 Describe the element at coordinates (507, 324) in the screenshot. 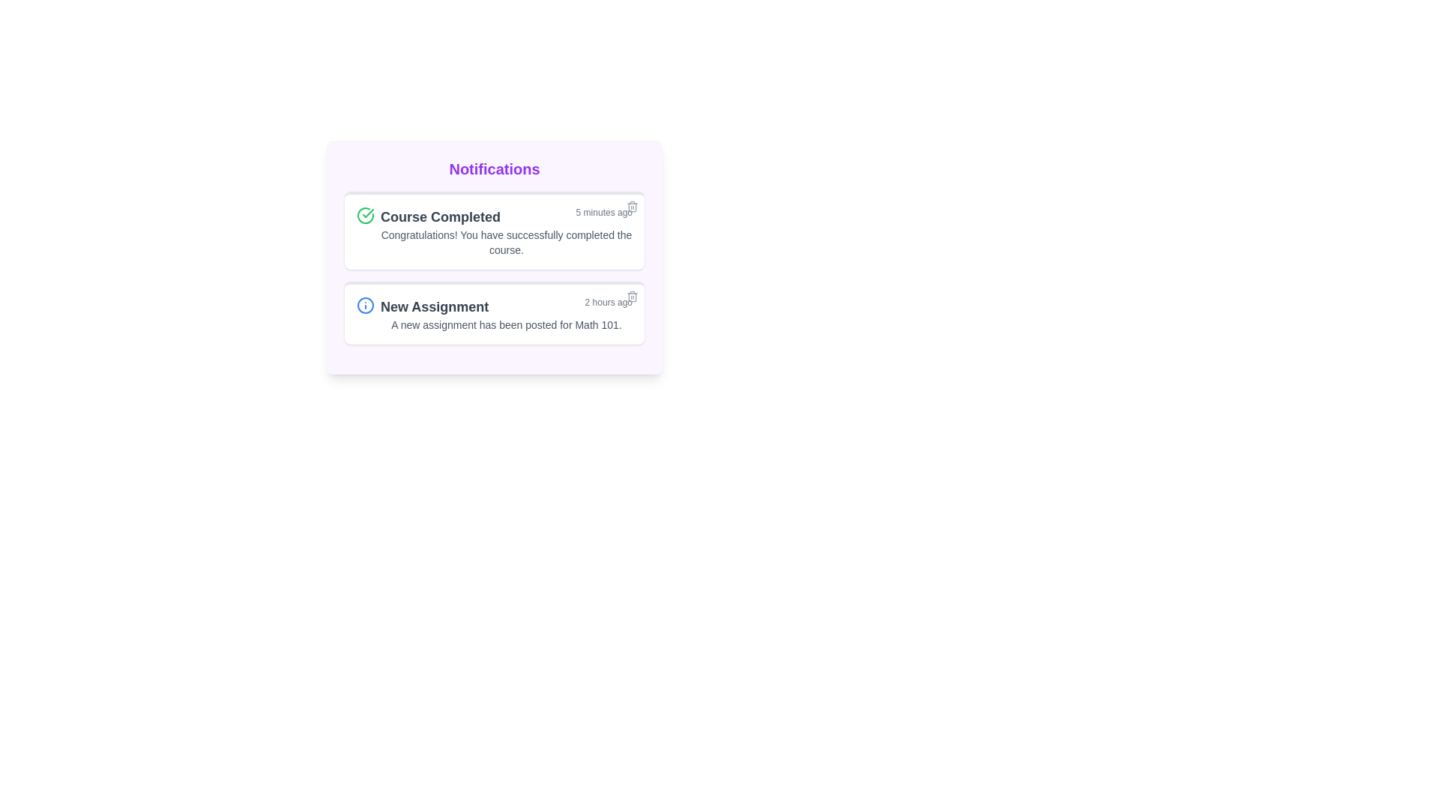

I see `text label displaying 'A new assignment has been posted for Math 101.' located in the second notification card under the title 'New Assignment.'` at that location.